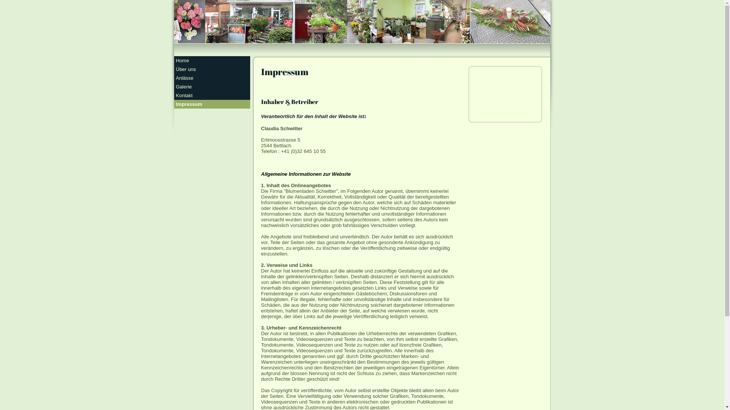  I want to click on 'Kontakt', so click(212, 95).